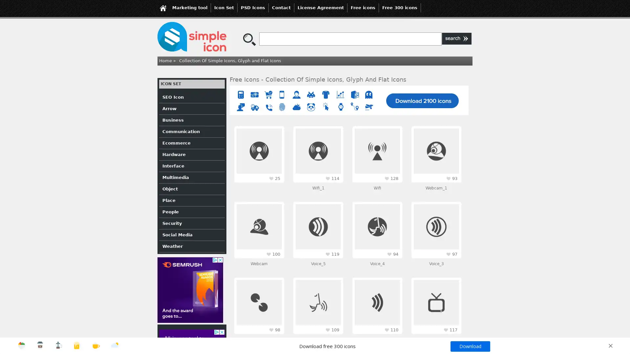  What do you see at coordinates (315, 216) in the screenshot?
I see `Download` at bounding box center [315, 216].